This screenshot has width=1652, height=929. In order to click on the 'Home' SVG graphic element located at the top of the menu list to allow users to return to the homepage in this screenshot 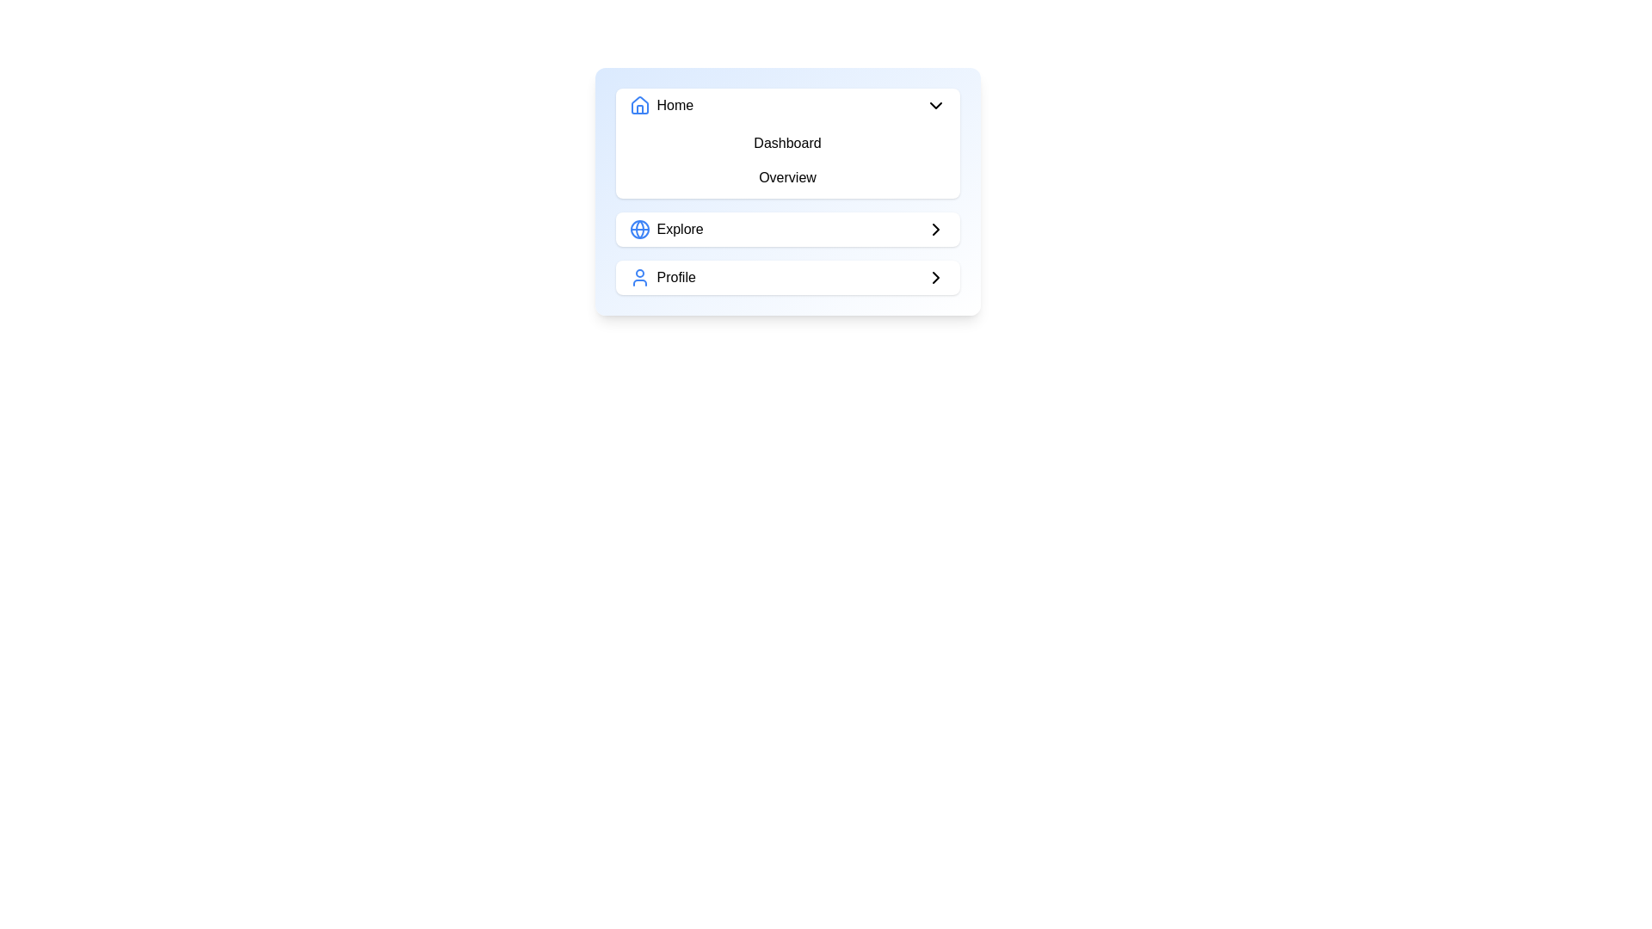, I will do `click(638, 105)`.